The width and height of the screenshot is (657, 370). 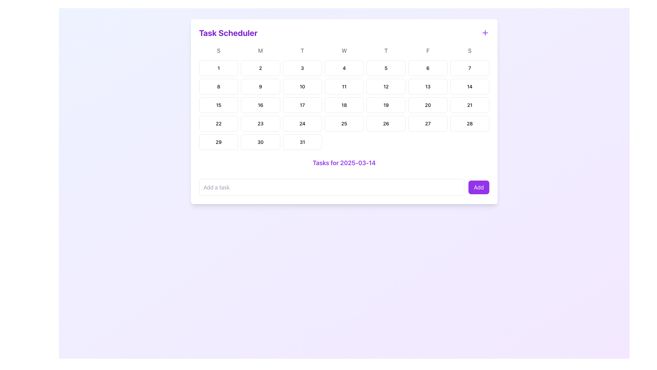 I want to click on the calendar button representing the day '27', so click(x=427, y=124).